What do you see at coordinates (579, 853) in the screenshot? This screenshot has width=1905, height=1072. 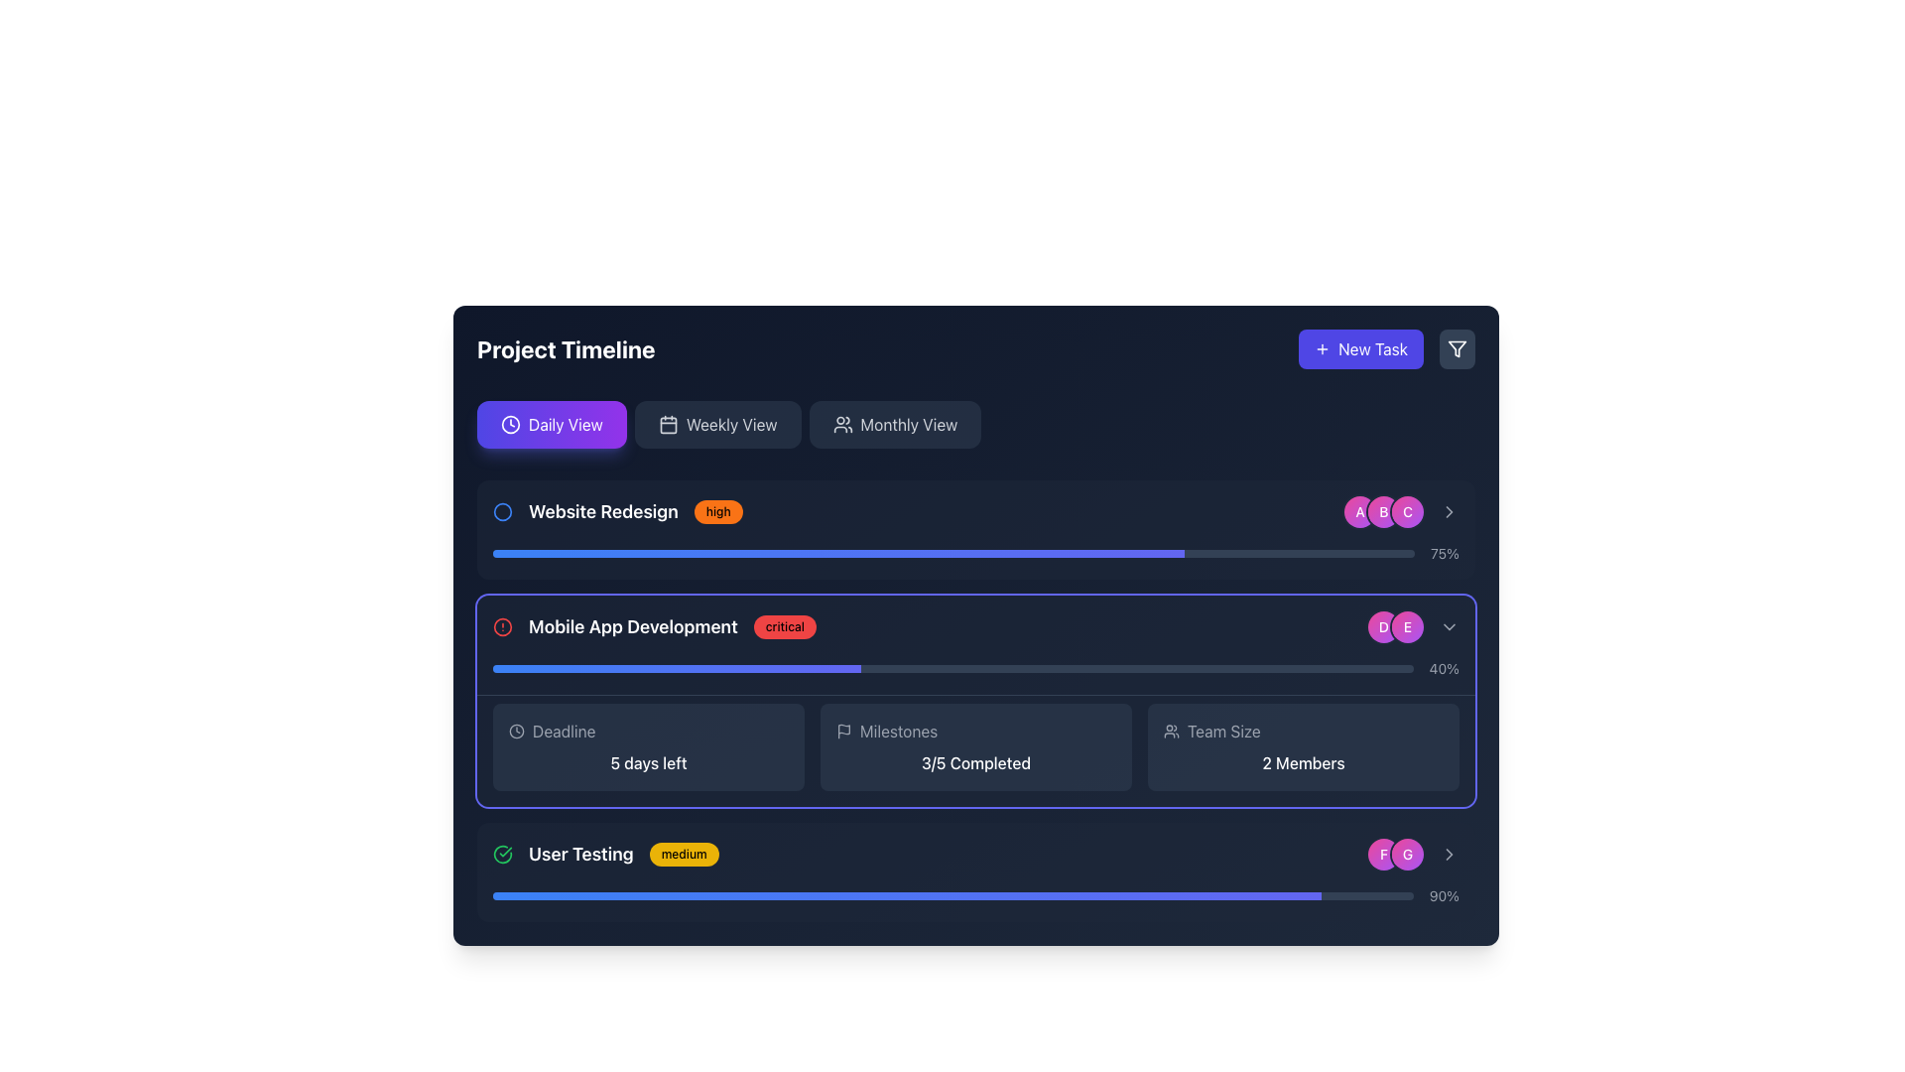 I see `the label located below the 'Mobile App Development' section, which serves as a title for a specific project or task category` at bounding box center [579, 853].